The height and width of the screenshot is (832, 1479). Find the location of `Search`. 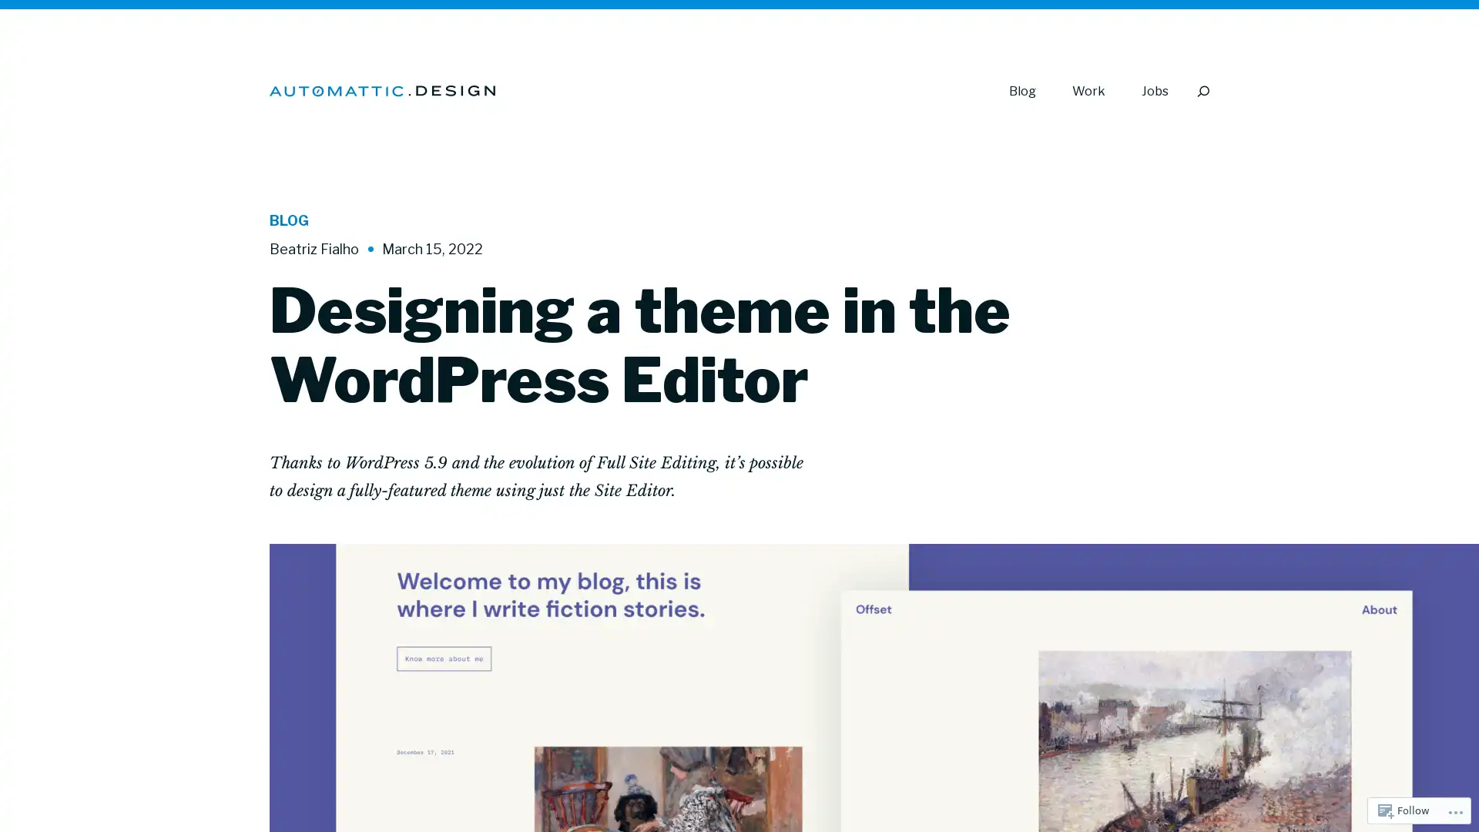

Search is located at coordinates (1202, 91).